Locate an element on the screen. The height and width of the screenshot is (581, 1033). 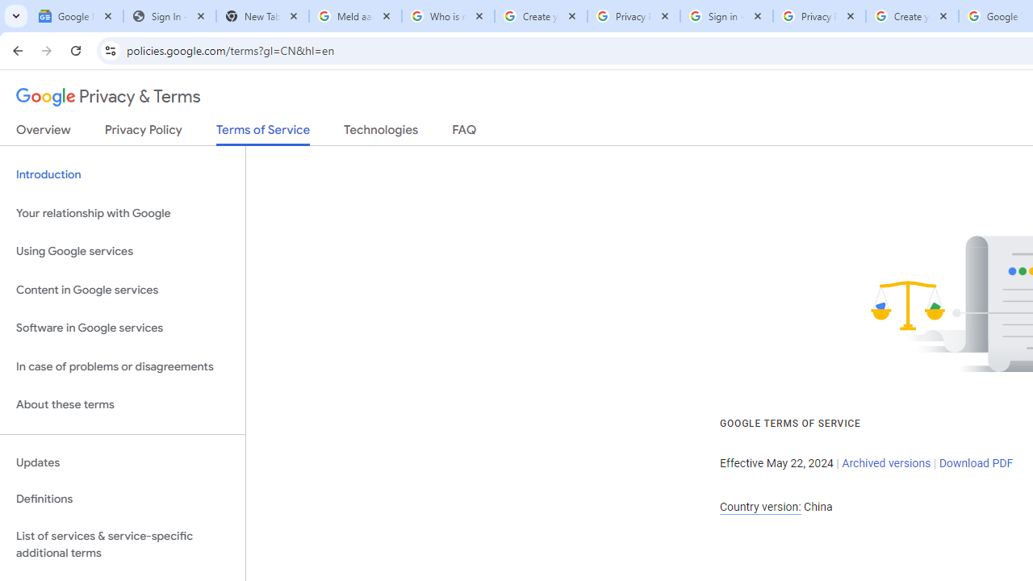
'In case of problems or disagreements' is located at coordinates (122, 366).